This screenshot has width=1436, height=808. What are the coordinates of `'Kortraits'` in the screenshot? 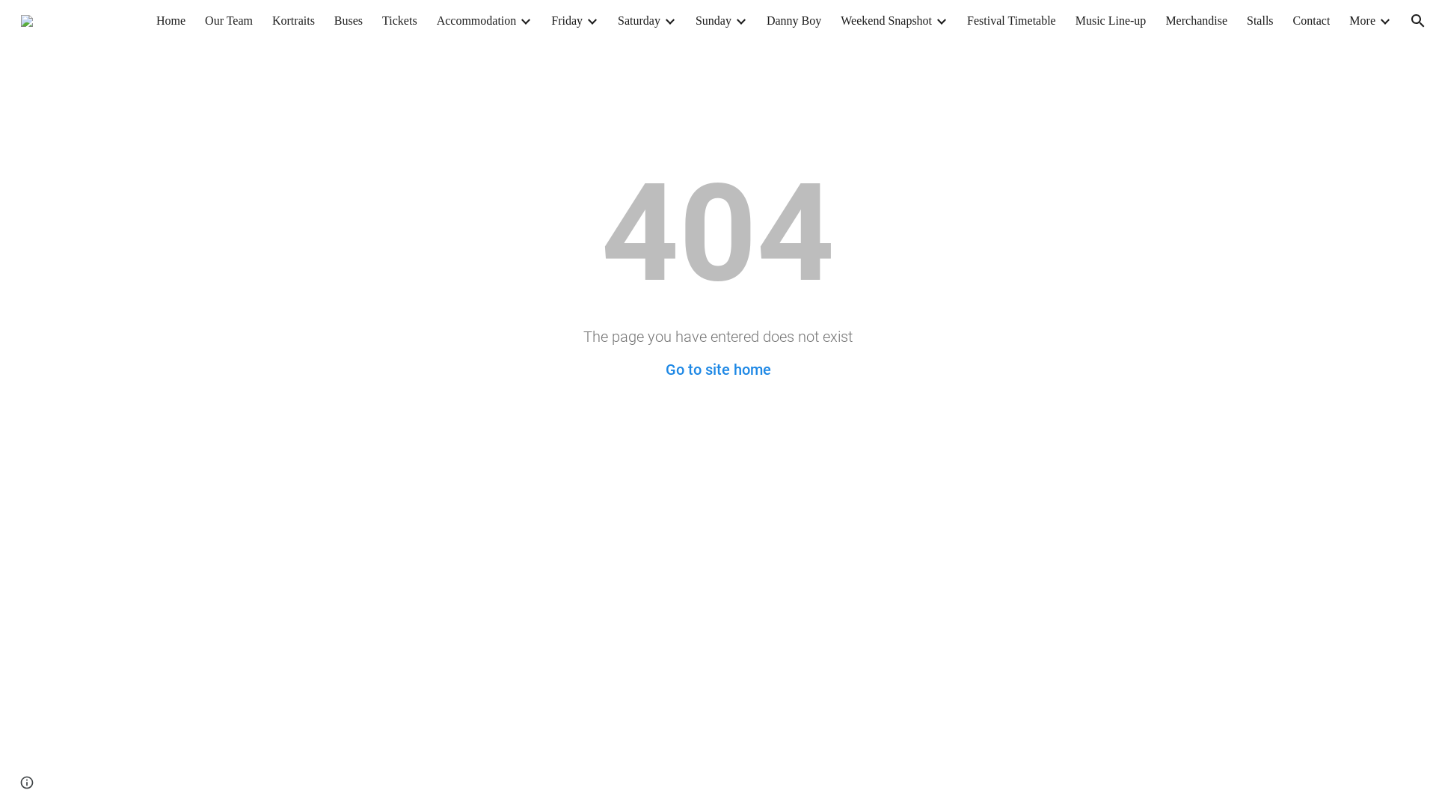 It's located at (293, 20).